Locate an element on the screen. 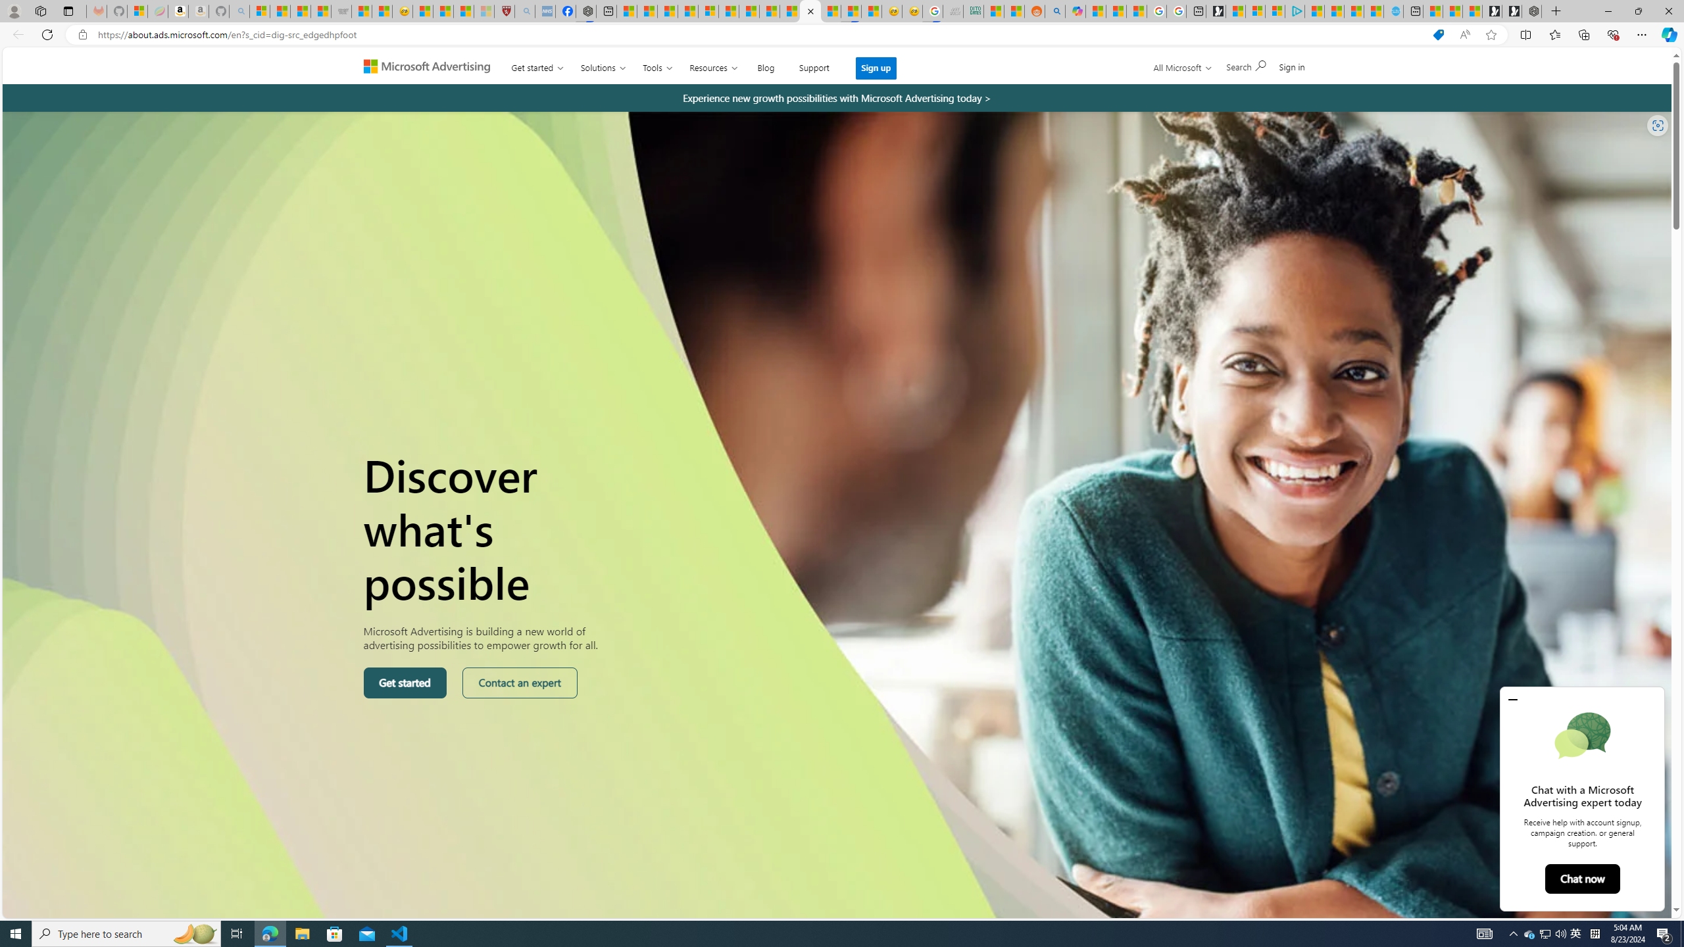 The width and height of the screenshot is (1684, 947). 'Blog' is located at coordinates (765, 65).